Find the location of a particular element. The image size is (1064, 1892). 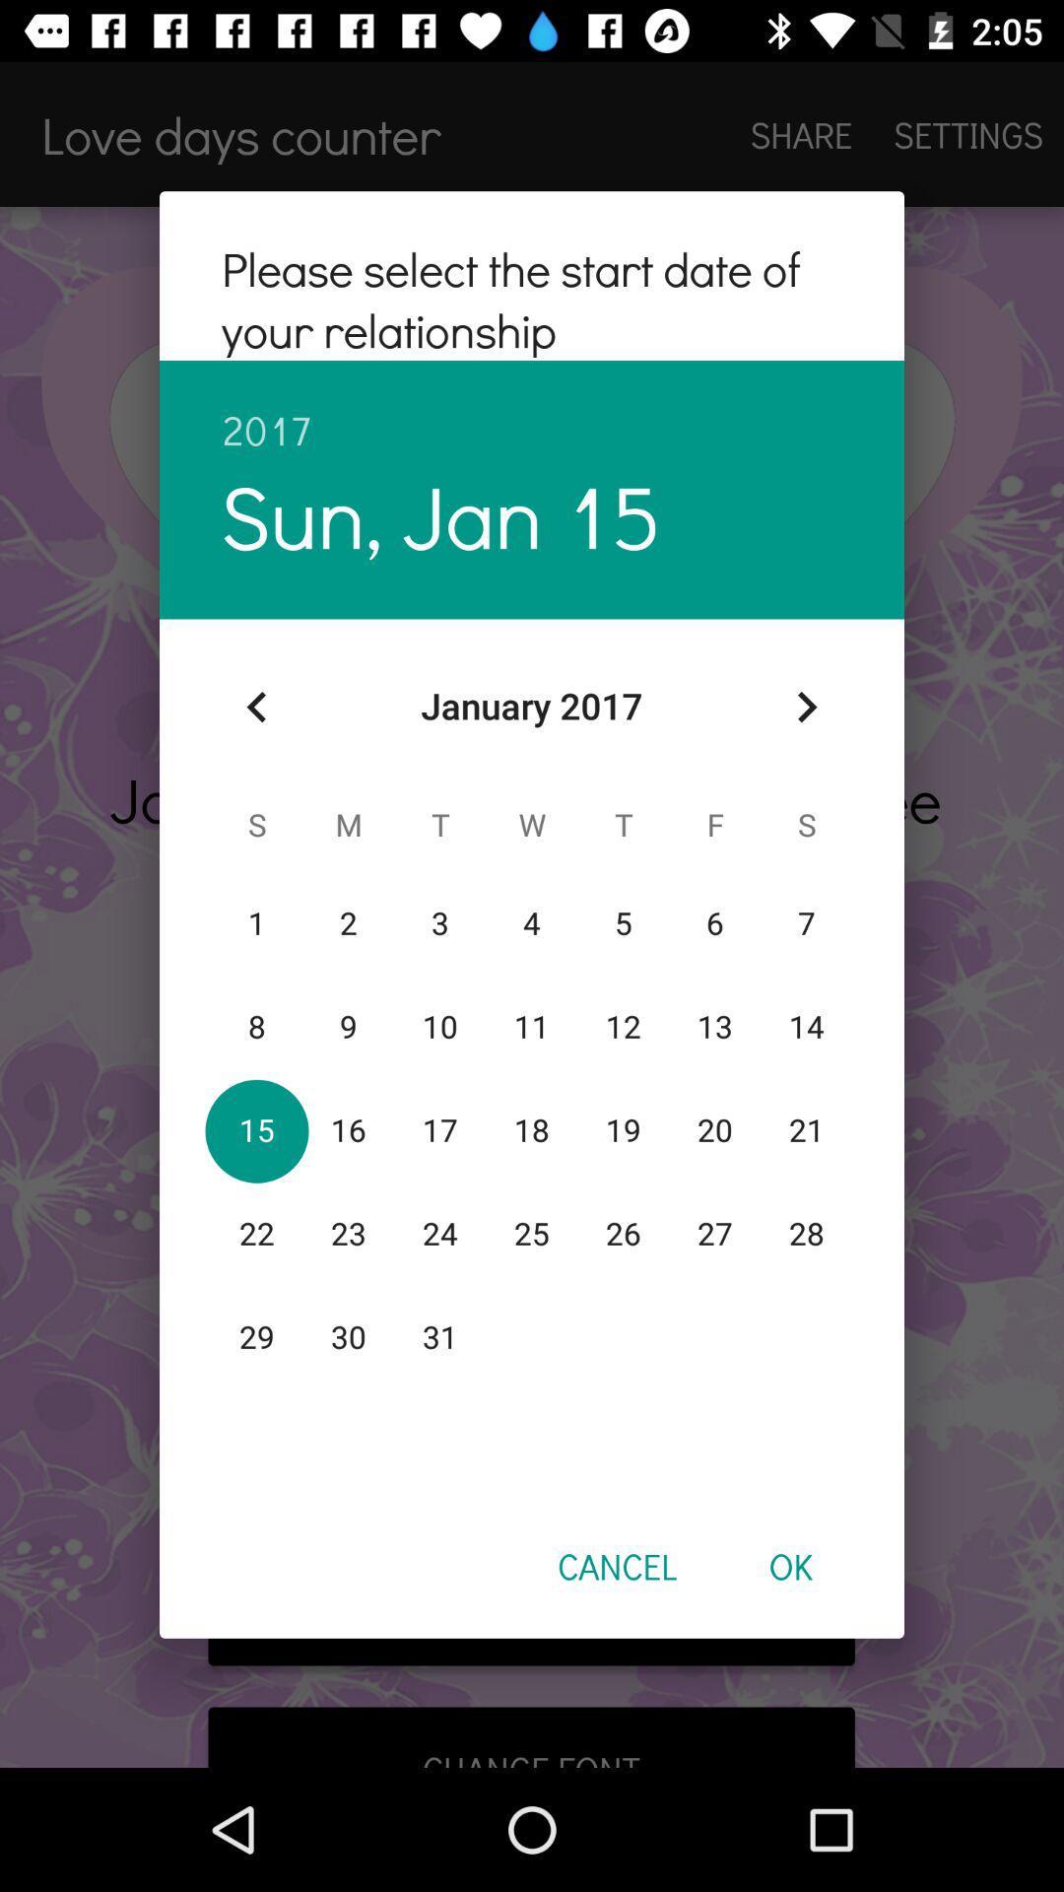

item below the 2017 item is located at coordinates (806, 707).